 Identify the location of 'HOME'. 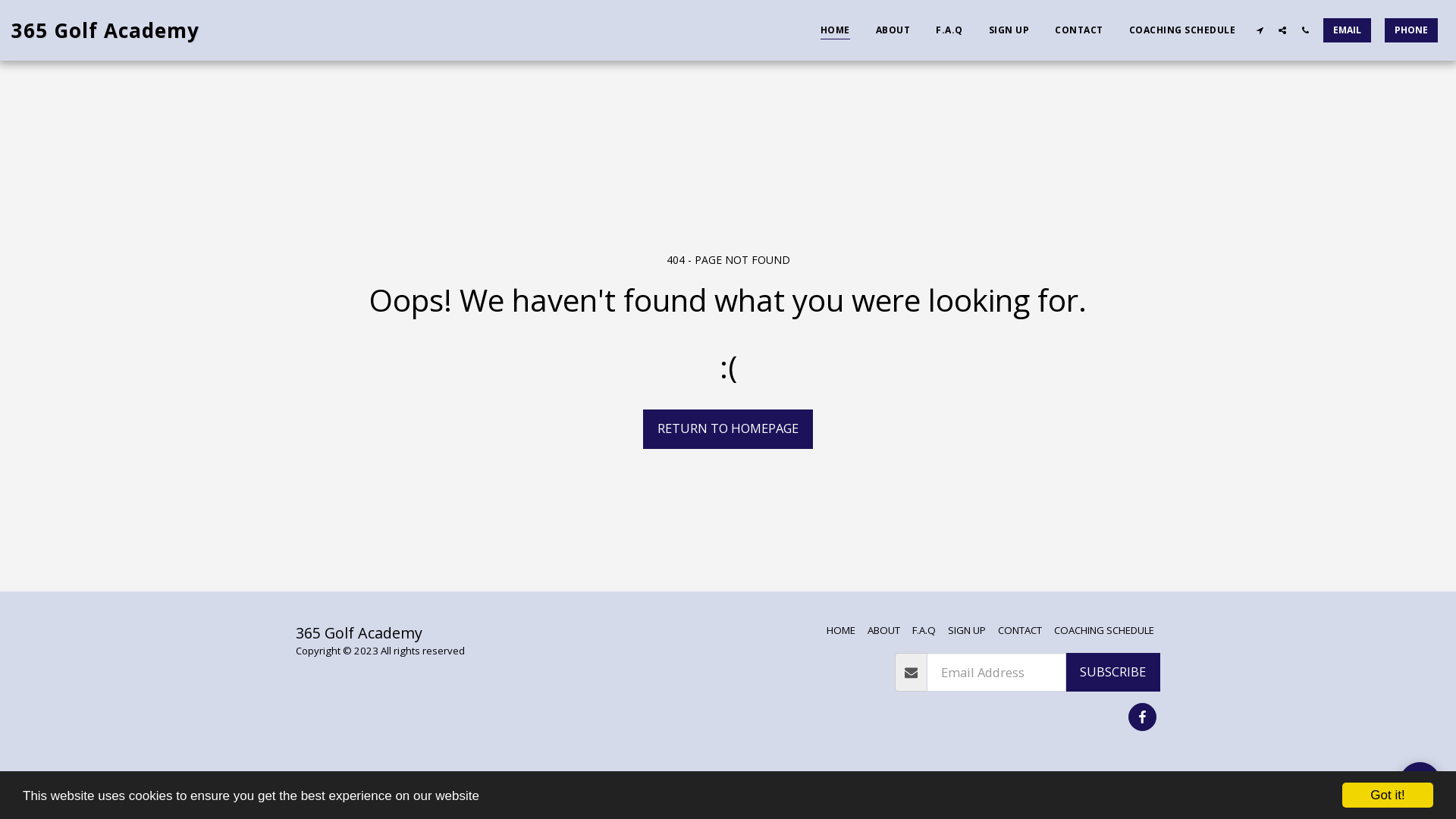
(807, 29).